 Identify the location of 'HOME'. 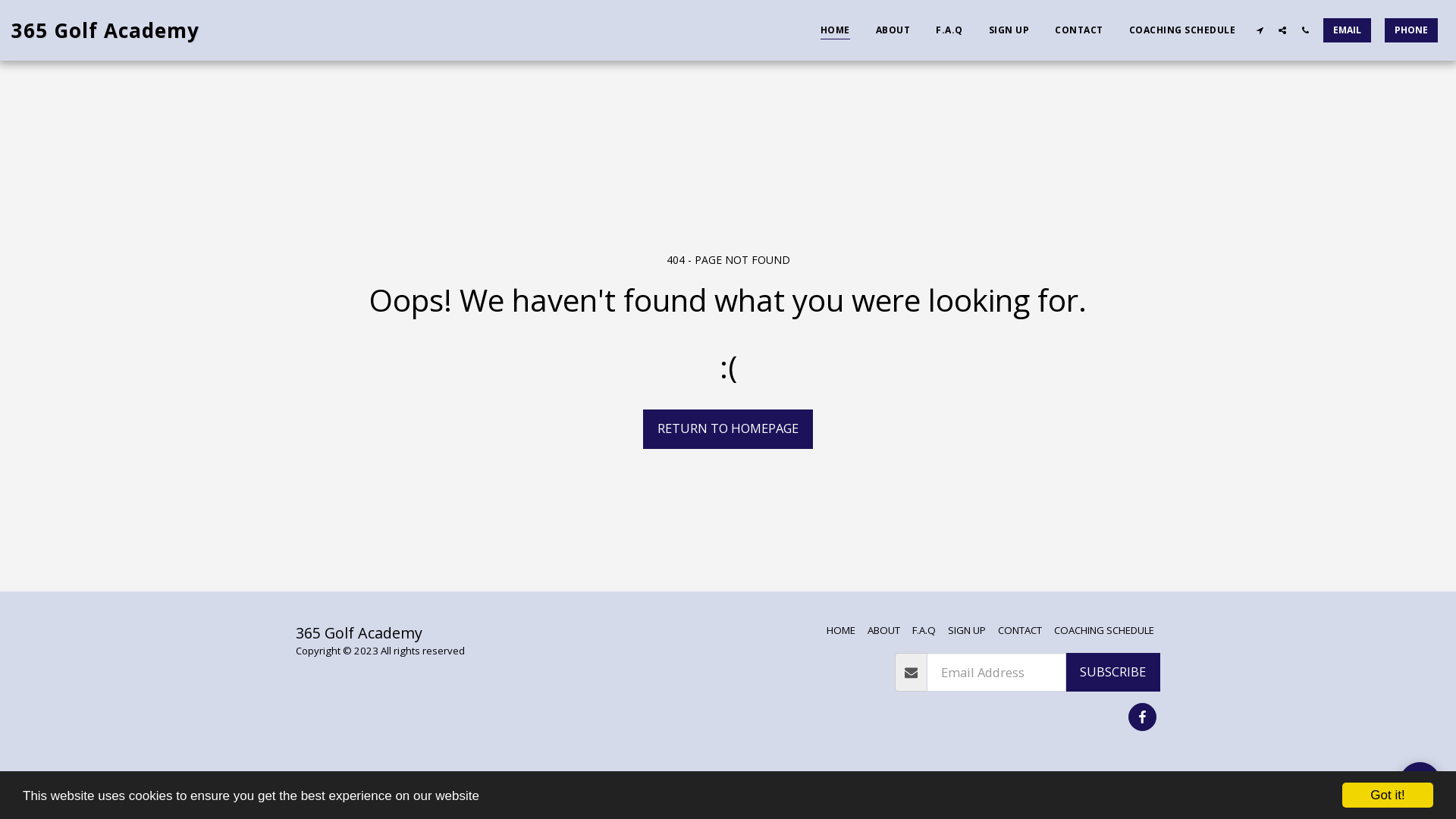
(807, 29).